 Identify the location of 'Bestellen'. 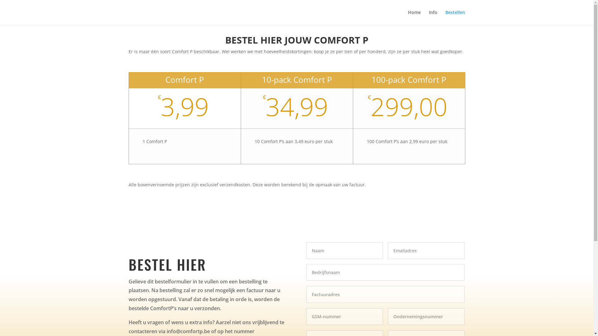
(445, 17).